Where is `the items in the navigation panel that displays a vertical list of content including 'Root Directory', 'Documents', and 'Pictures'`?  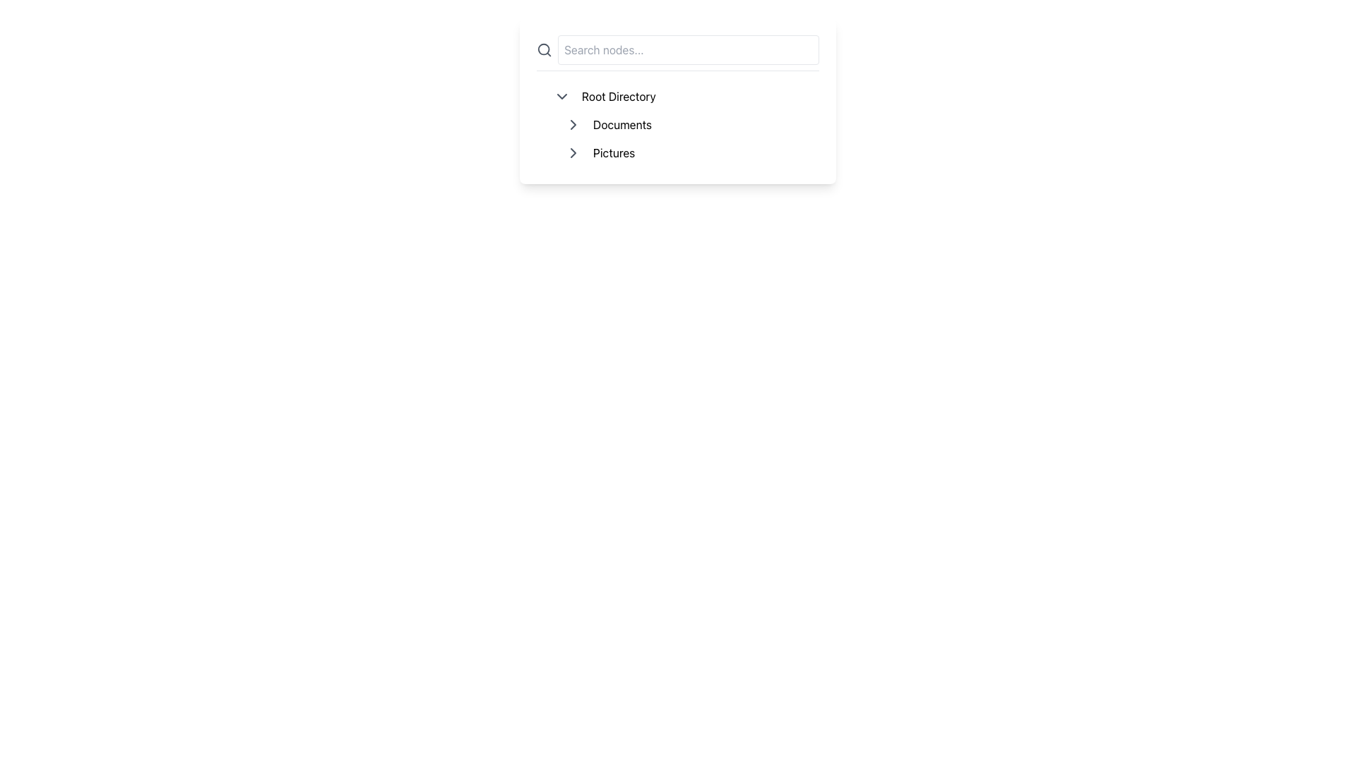 the items in the navigation panel that displays a vertical list of content including 'Root Directory', 'Documents', and 'Pictures' is located at coordinates (678, 100).